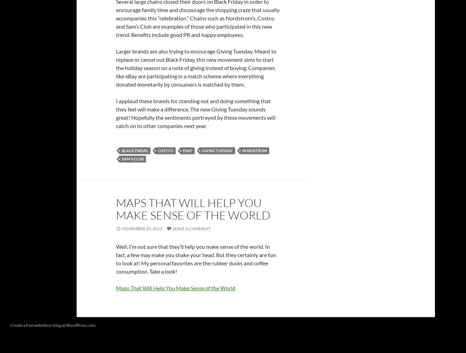 The height and width of the screenshot is (353, 466). Describe the element at coordinates (135, 150) in the screenshot. I see `'Black Friday'` at that location.